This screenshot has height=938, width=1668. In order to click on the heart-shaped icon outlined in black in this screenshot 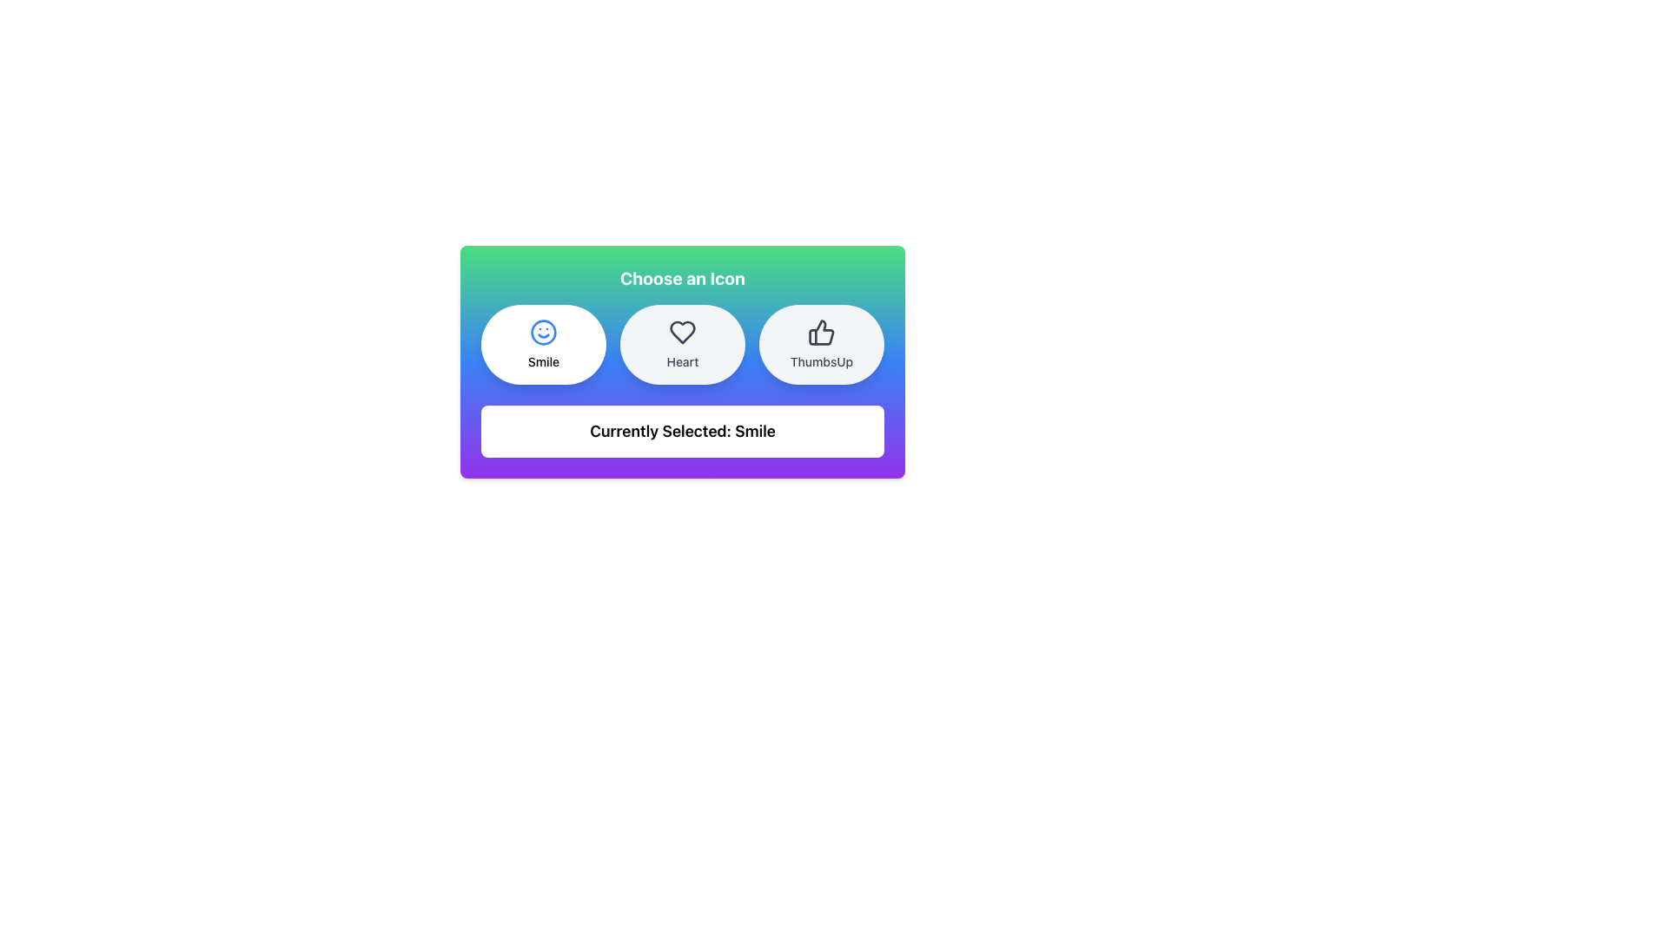, I will do `click(682, 332)`.